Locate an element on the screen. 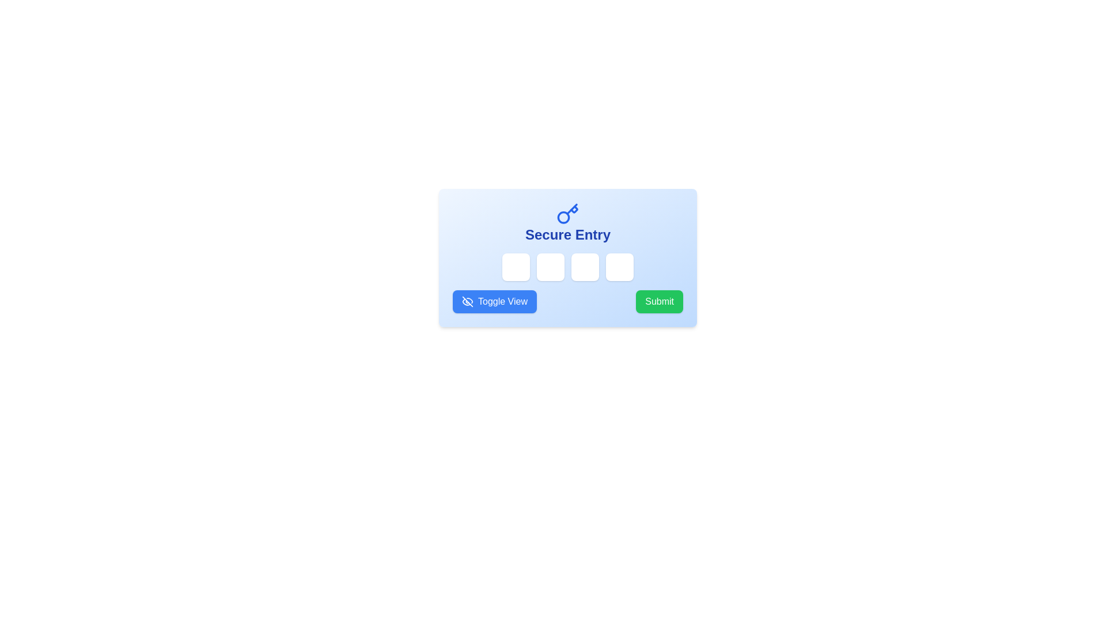 This screenshot has height=622, width=1106. the circular decorative graphic that visually represents a key, symbolizing security or access, located at the top center of the layout above the text 'Secure Entry.' is located at coordinates (563, 217).